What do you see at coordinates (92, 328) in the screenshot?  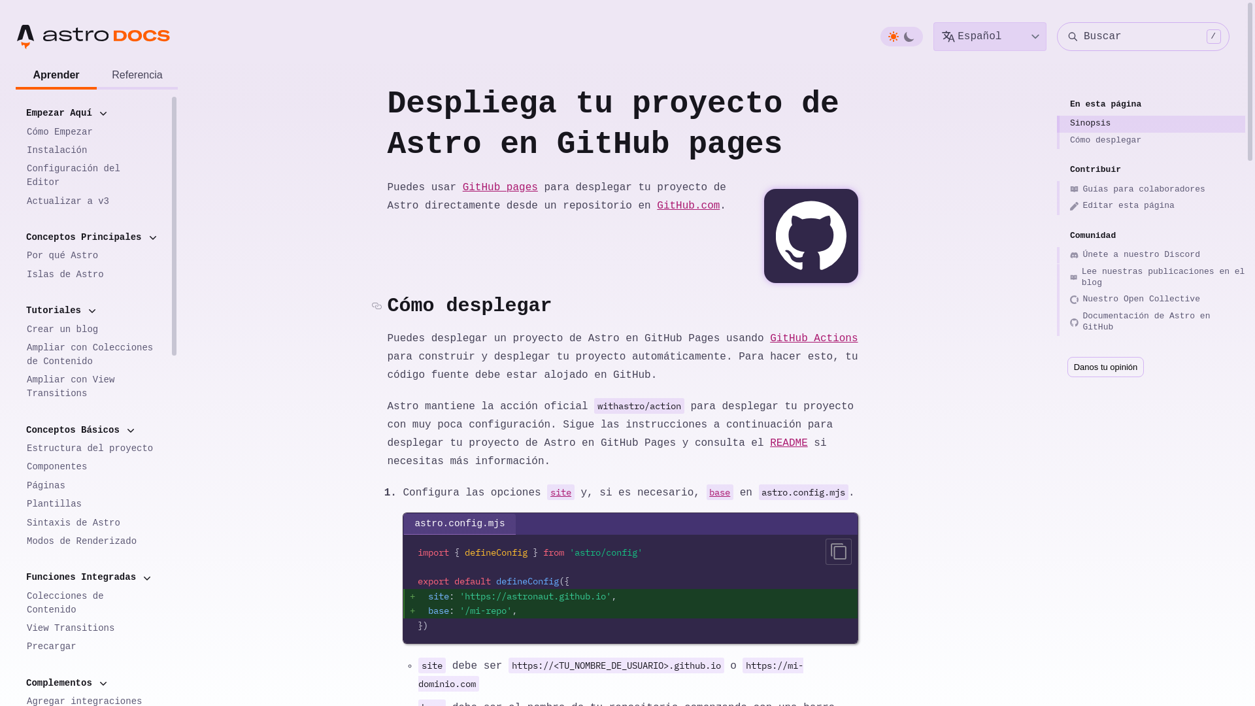 I see `'Crear un blog'` at bounding box center [92, 328].